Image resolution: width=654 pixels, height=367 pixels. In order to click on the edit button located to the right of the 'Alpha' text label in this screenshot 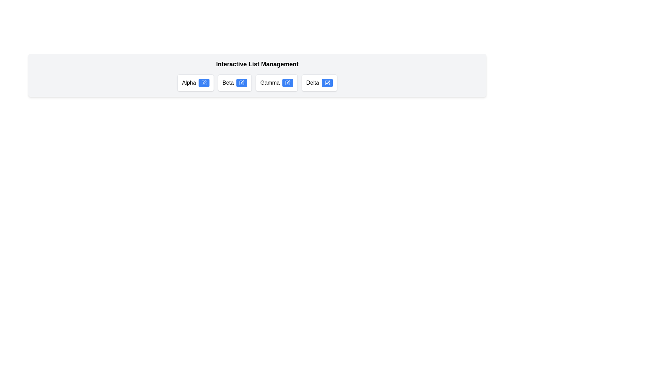, I will do `click(204, 82)`.